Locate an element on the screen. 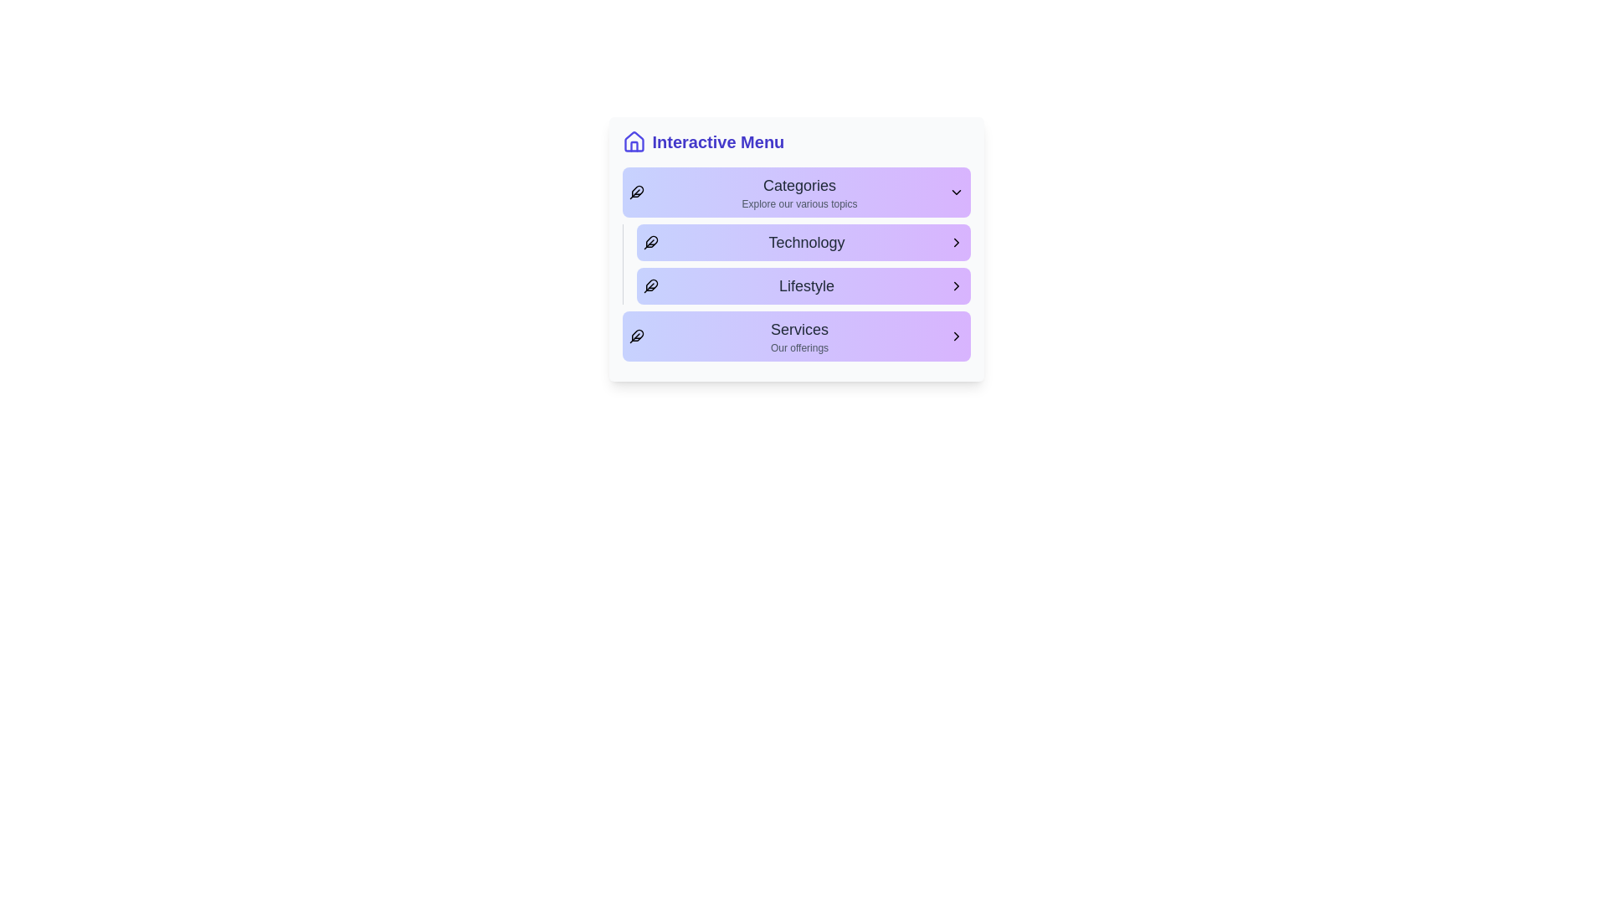 This screenshot has height=904, width=1607. the small, downward-facing chevron icon located at the extreme right side of the 'Categories' menu section is located at coordinates (956, 192).